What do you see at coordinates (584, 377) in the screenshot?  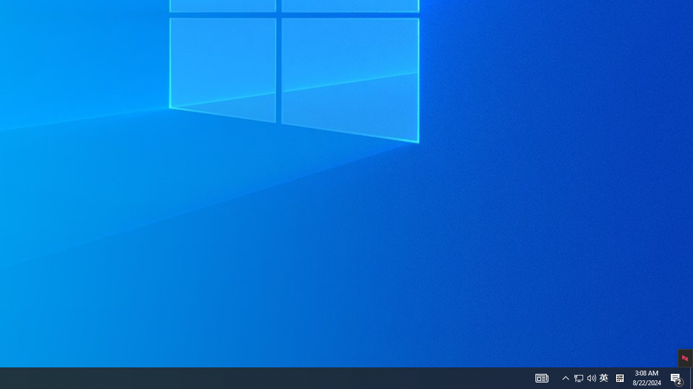 I see `'User Promoted Notification Area'` at bounding box center [584, 377].